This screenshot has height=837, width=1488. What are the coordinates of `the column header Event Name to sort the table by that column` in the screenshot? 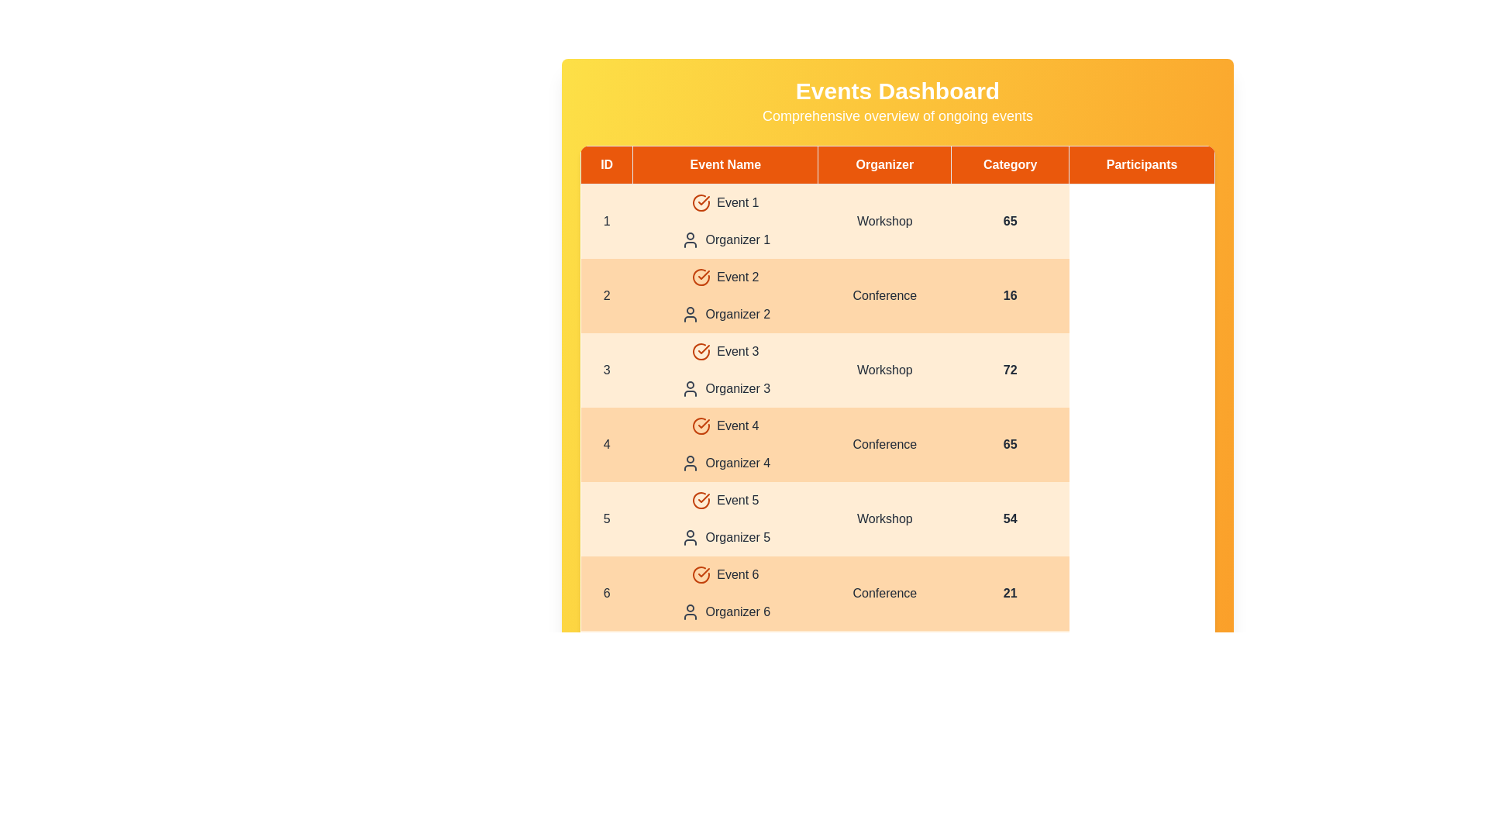 It's located at (725, 164).